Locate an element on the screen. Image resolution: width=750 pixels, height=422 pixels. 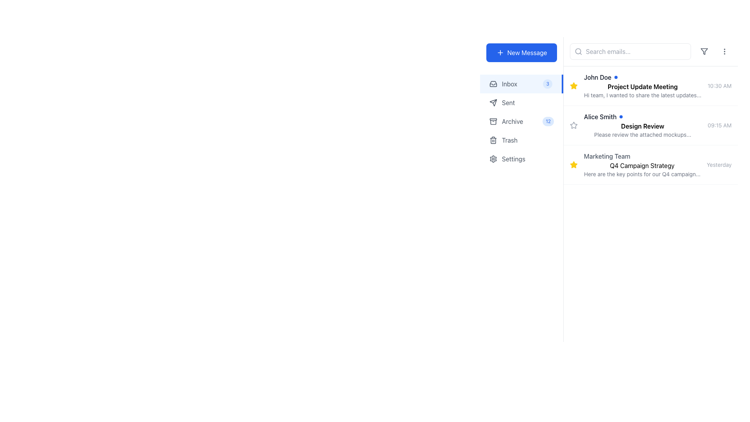
the third item in the vertical menu list, positioned between 'Sent' and 'Trash' is located at coordinates (521, 122).